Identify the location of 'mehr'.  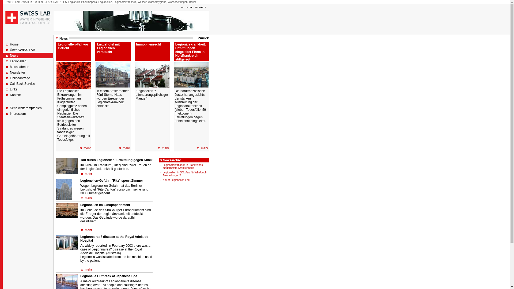
(87, 148).